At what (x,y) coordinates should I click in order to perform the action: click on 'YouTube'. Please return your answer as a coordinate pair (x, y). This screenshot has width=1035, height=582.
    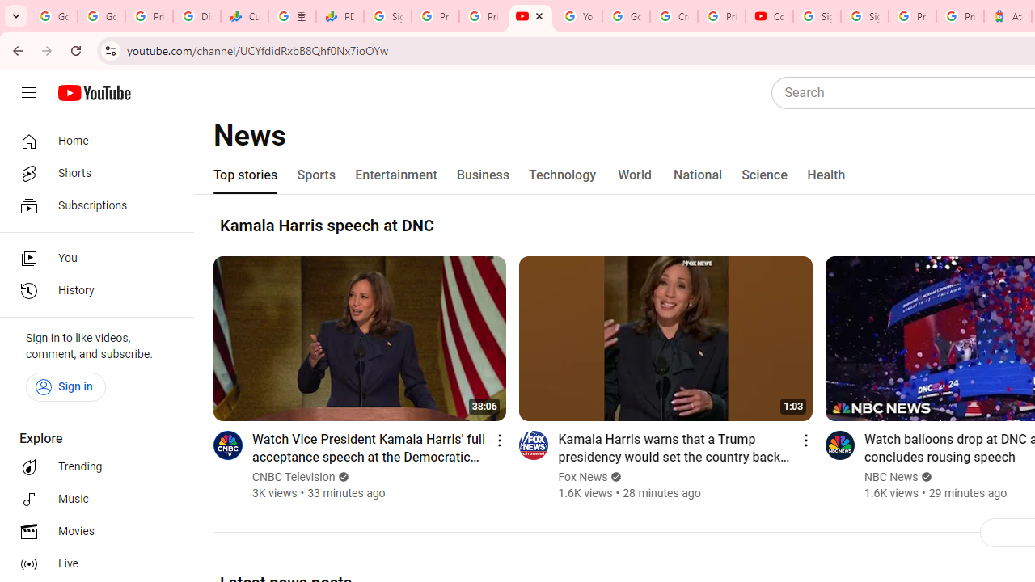
    Looking at the image, I should click on (578, 16).